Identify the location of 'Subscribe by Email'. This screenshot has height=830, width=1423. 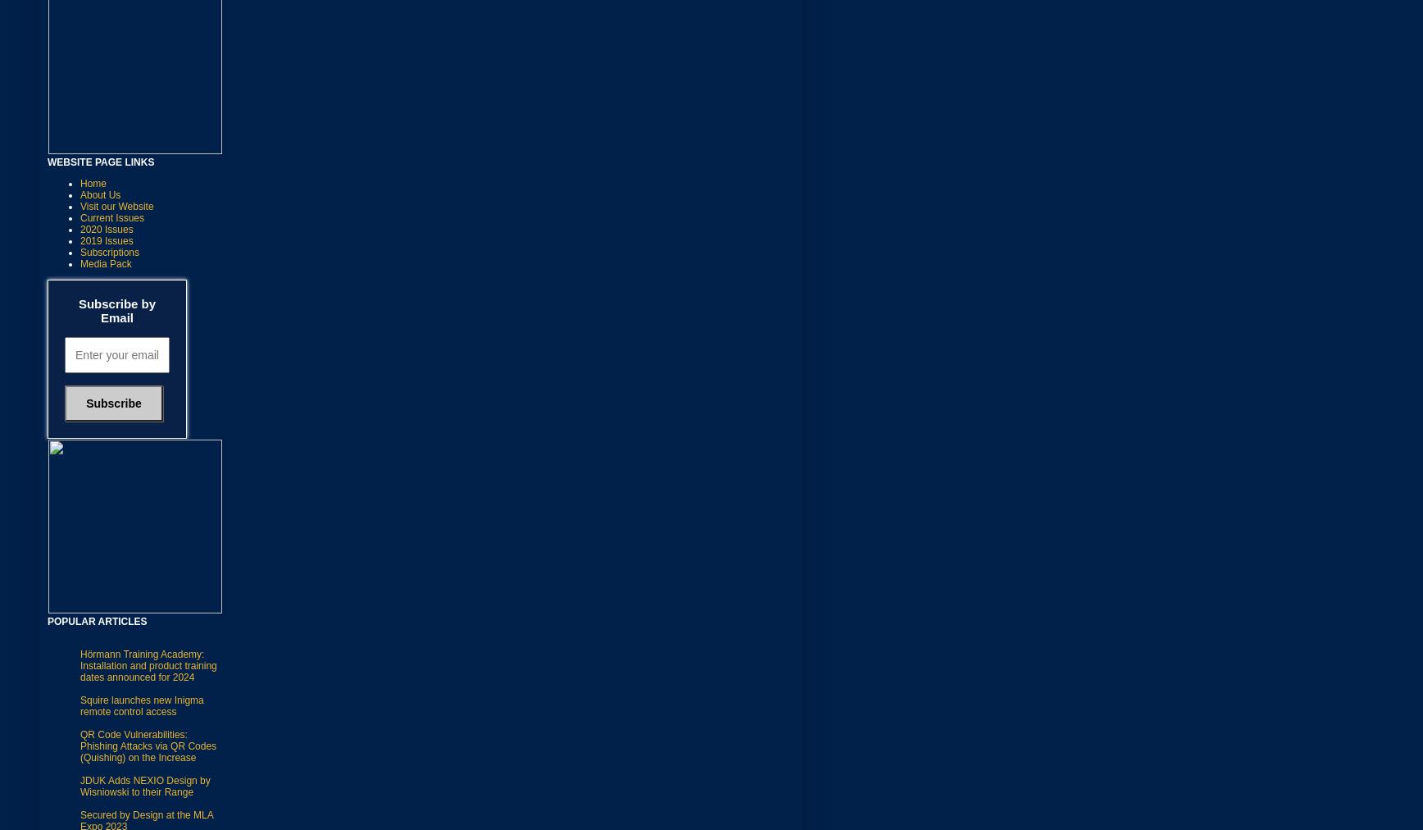
(116, 308).